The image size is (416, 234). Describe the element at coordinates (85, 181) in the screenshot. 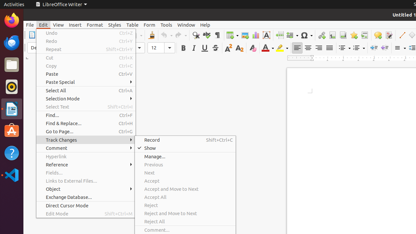

I see `'Links to External Files...'` at that location.